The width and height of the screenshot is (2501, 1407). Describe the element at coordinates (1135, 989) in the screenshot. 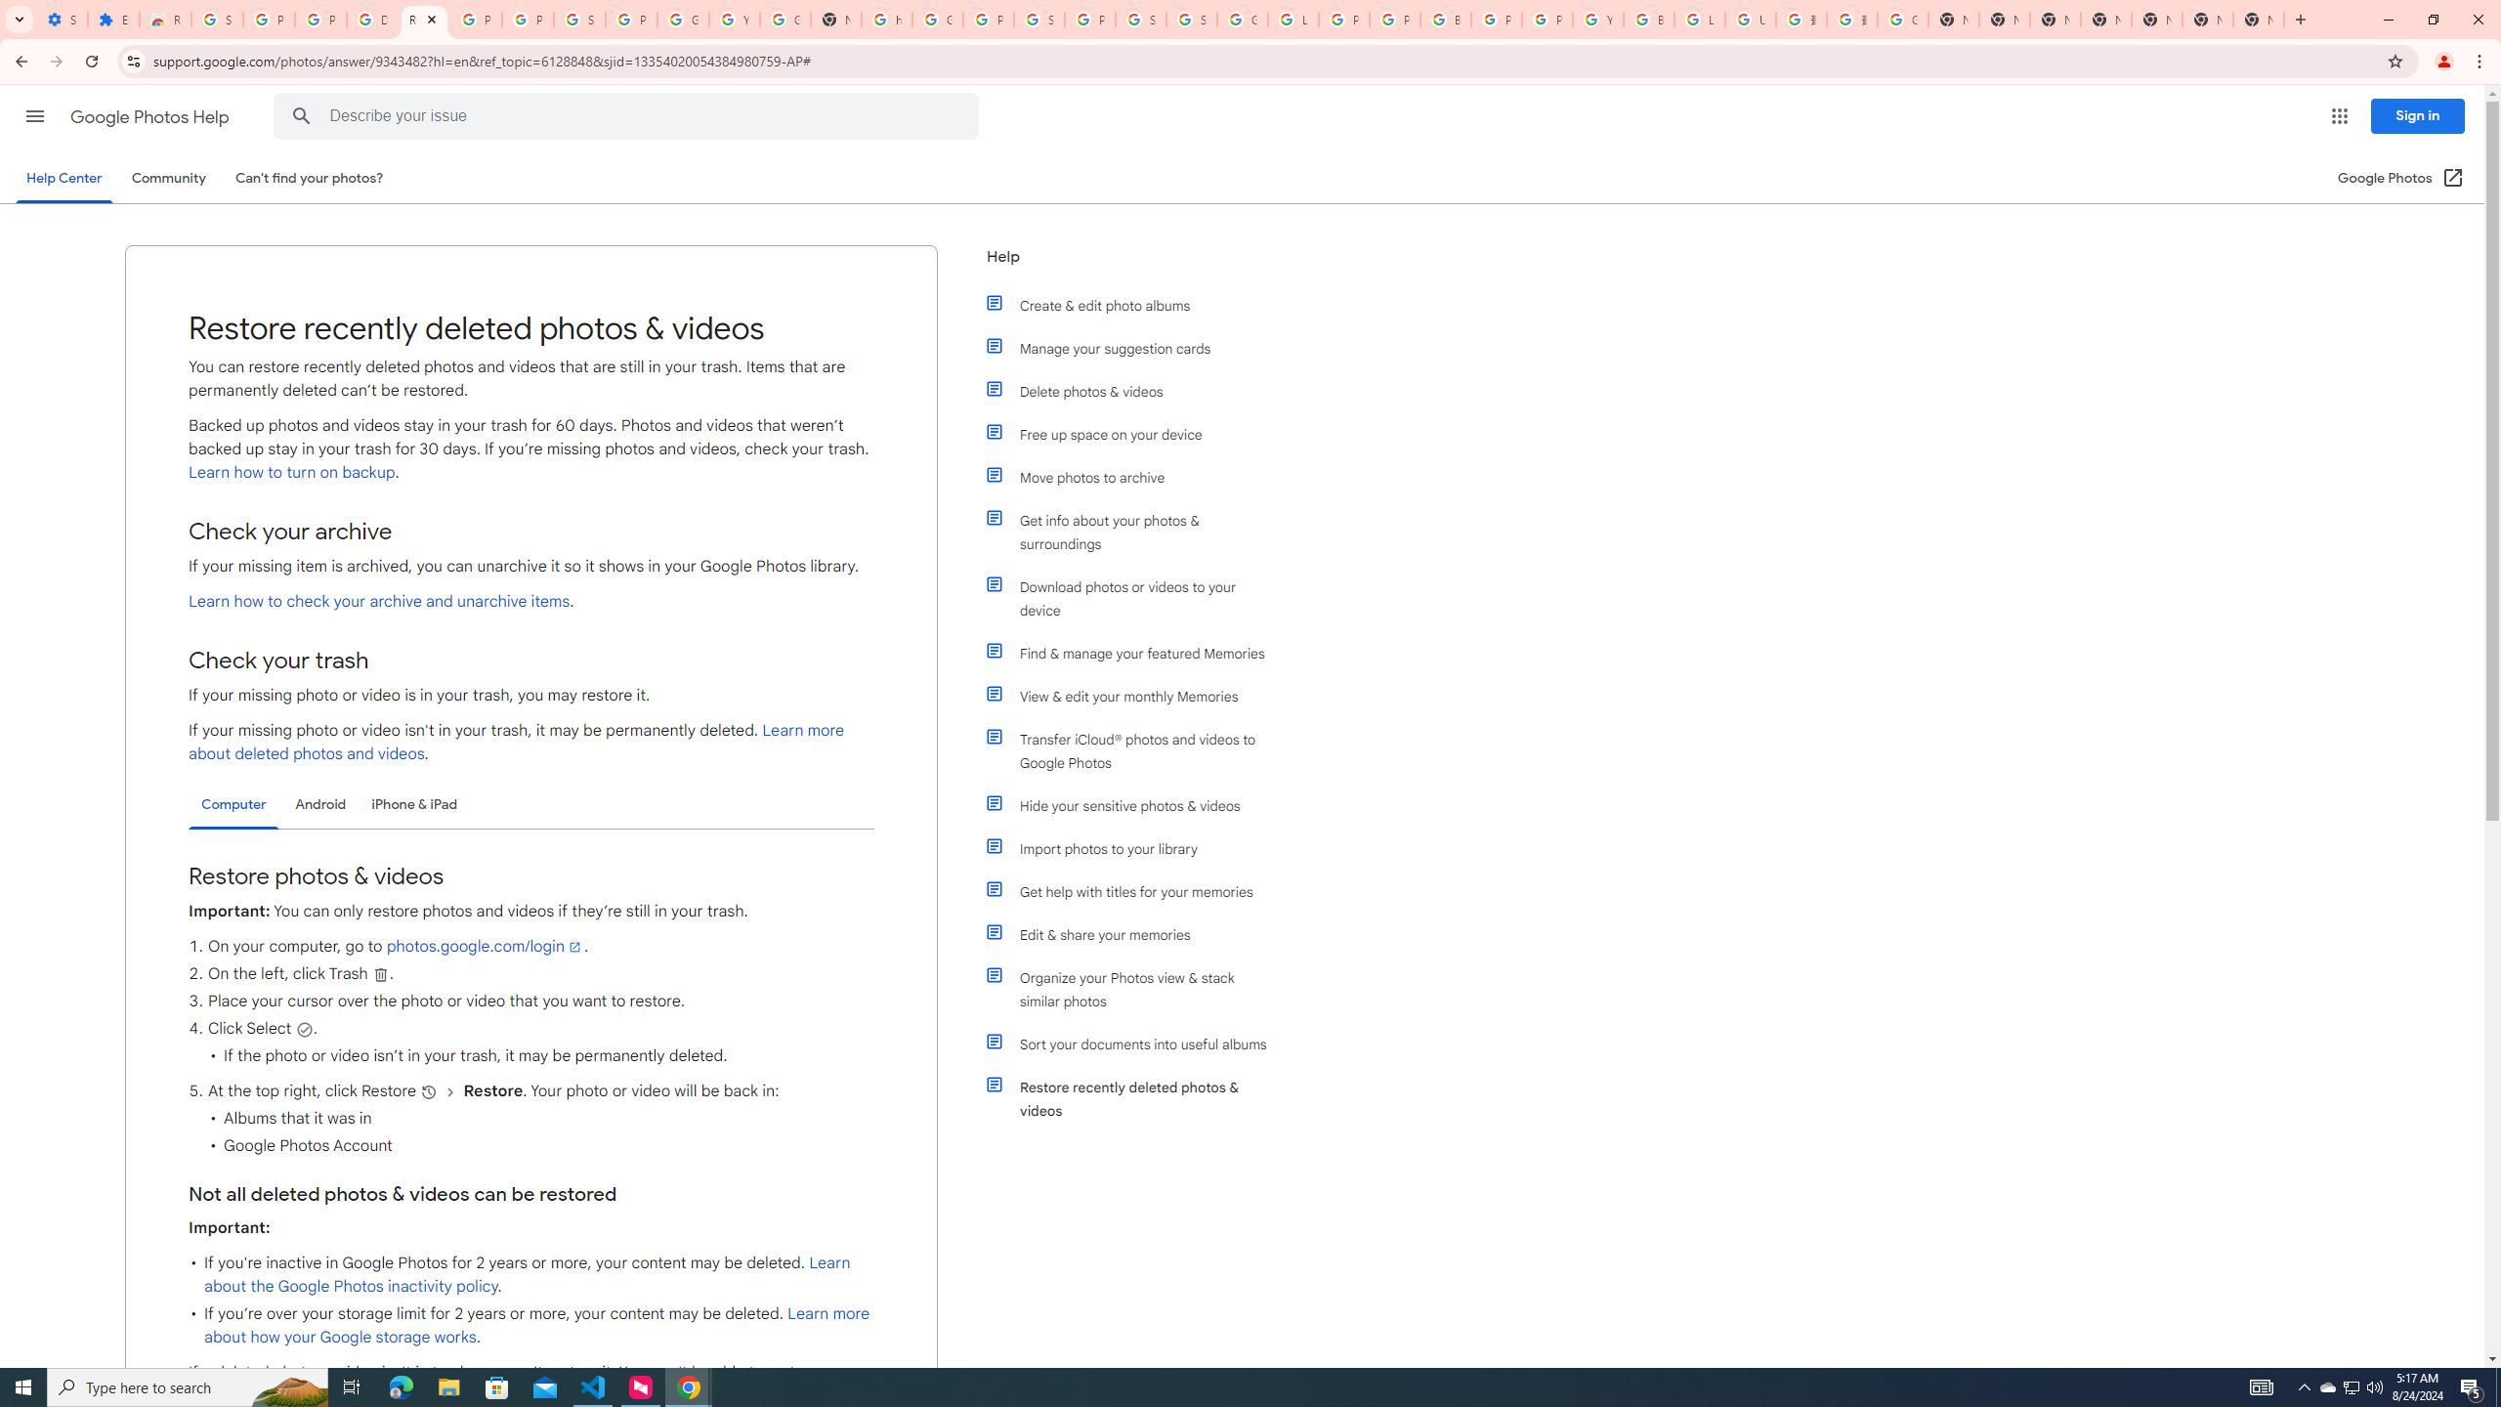

I see `'Organize your Photos view & stack similar photos'` at that location.